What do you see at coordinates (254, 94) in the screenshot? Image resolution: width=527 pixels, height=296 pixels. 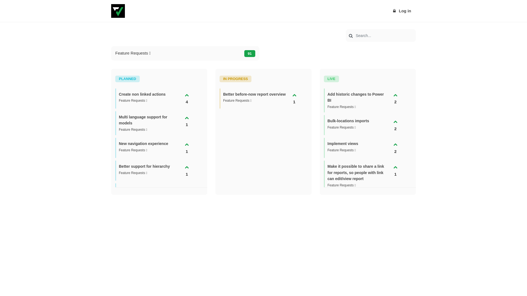 I see `'Better before-now report overview'` at bounding box center [254, 94].